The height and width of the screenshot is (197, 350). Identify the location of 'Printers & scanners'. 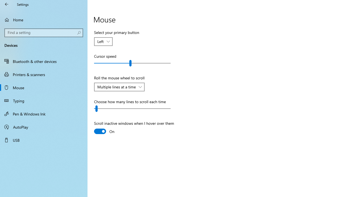
(44, 74).